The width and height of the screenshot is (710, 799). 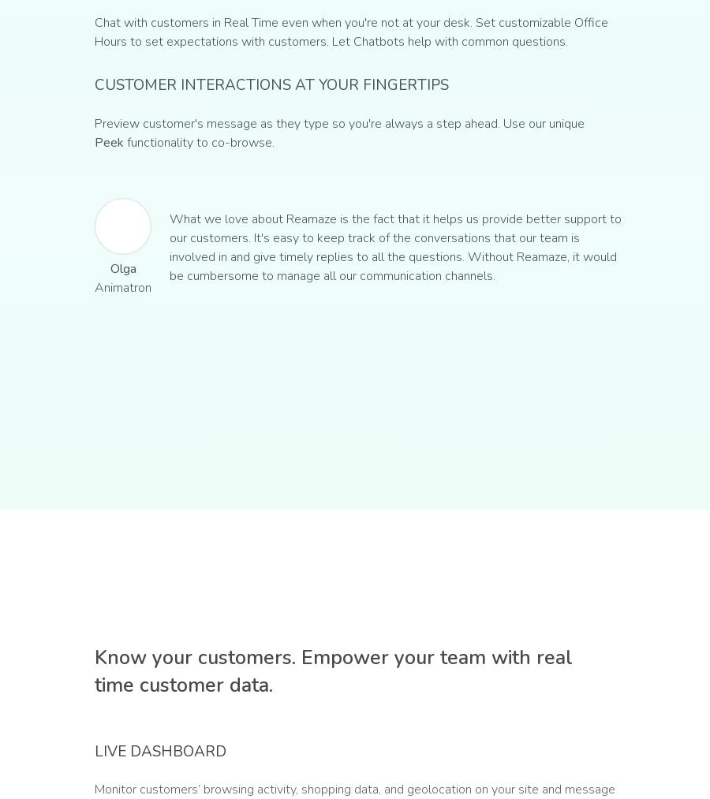 I want to click on 'Live Dashboard', so click(x=160, y=751).